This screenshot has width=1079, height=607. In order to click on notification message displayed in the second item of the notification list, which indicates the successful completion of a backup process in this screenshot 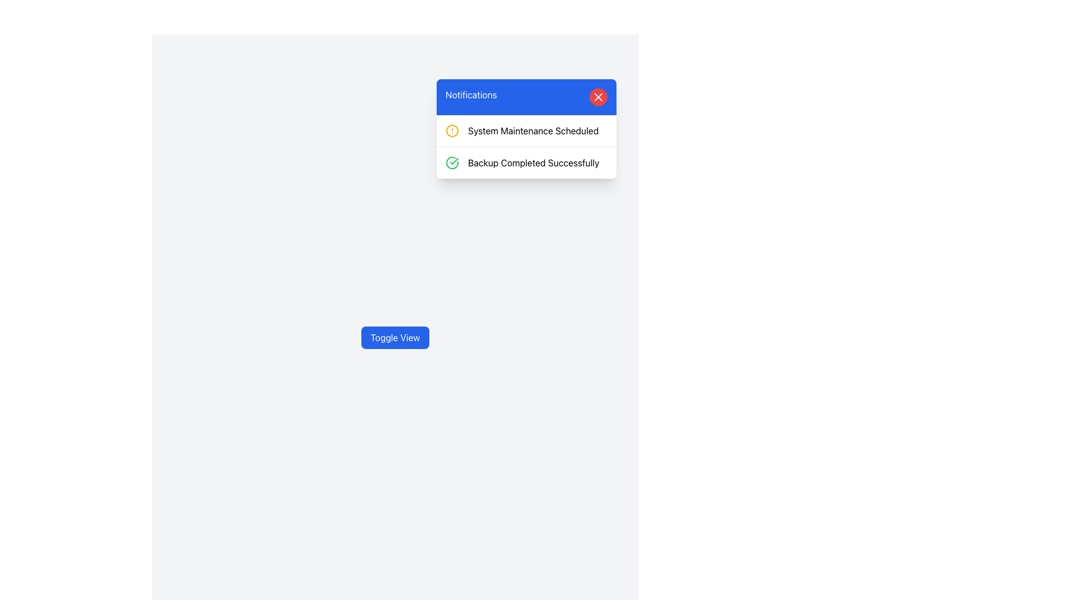, I will do `click(533, 162)`.